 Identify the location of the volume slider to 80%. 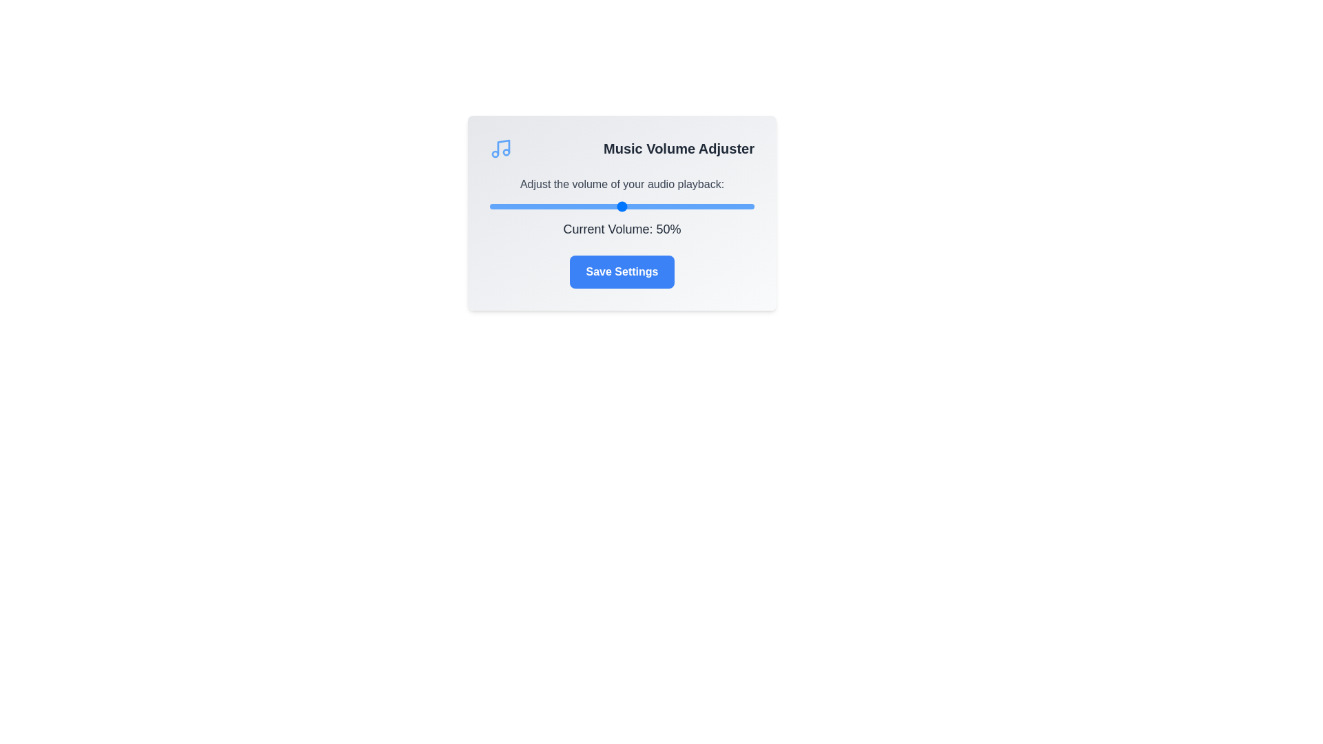
(701, 207).